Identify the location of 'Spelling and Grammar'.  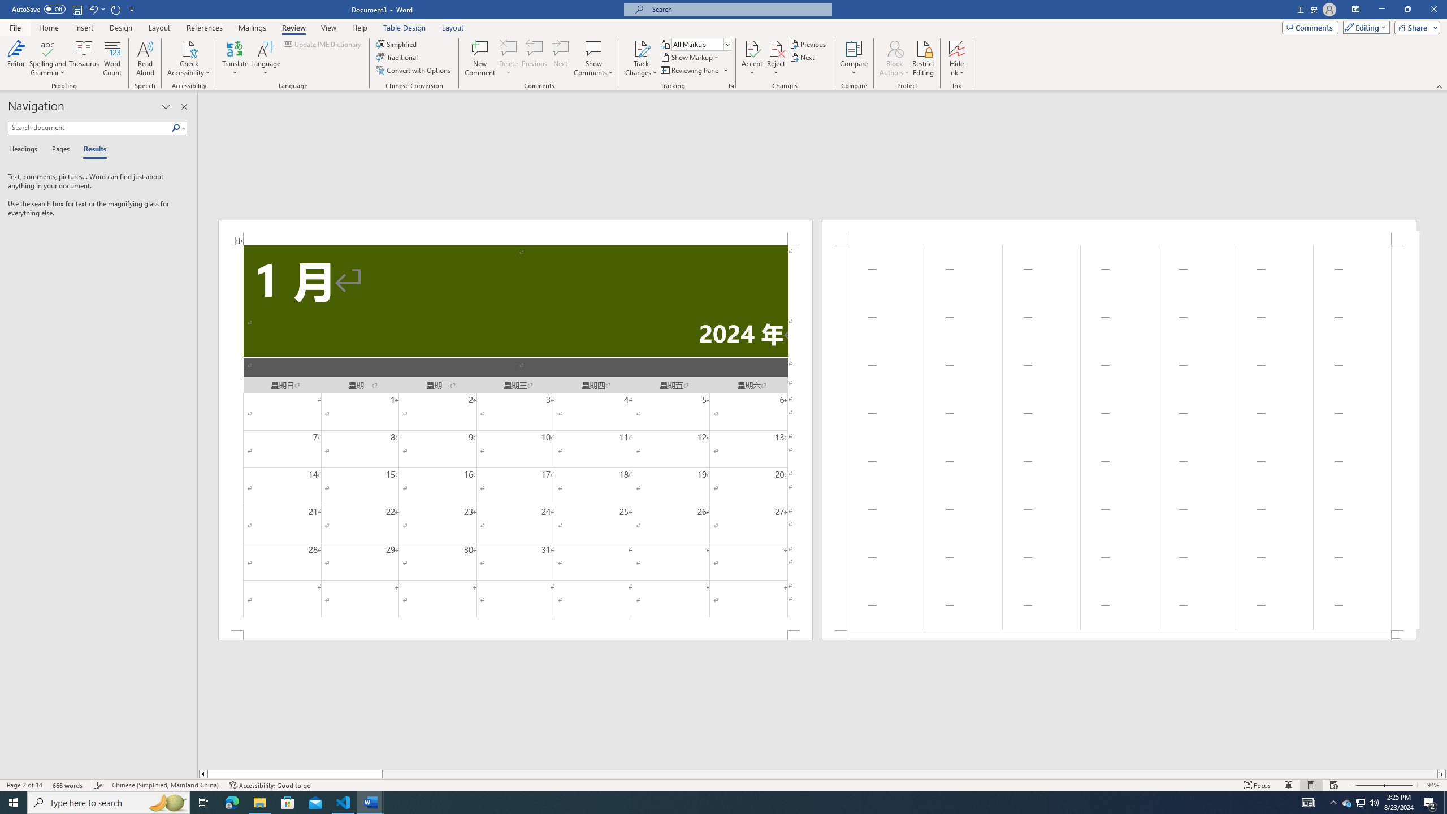
(48, 47).